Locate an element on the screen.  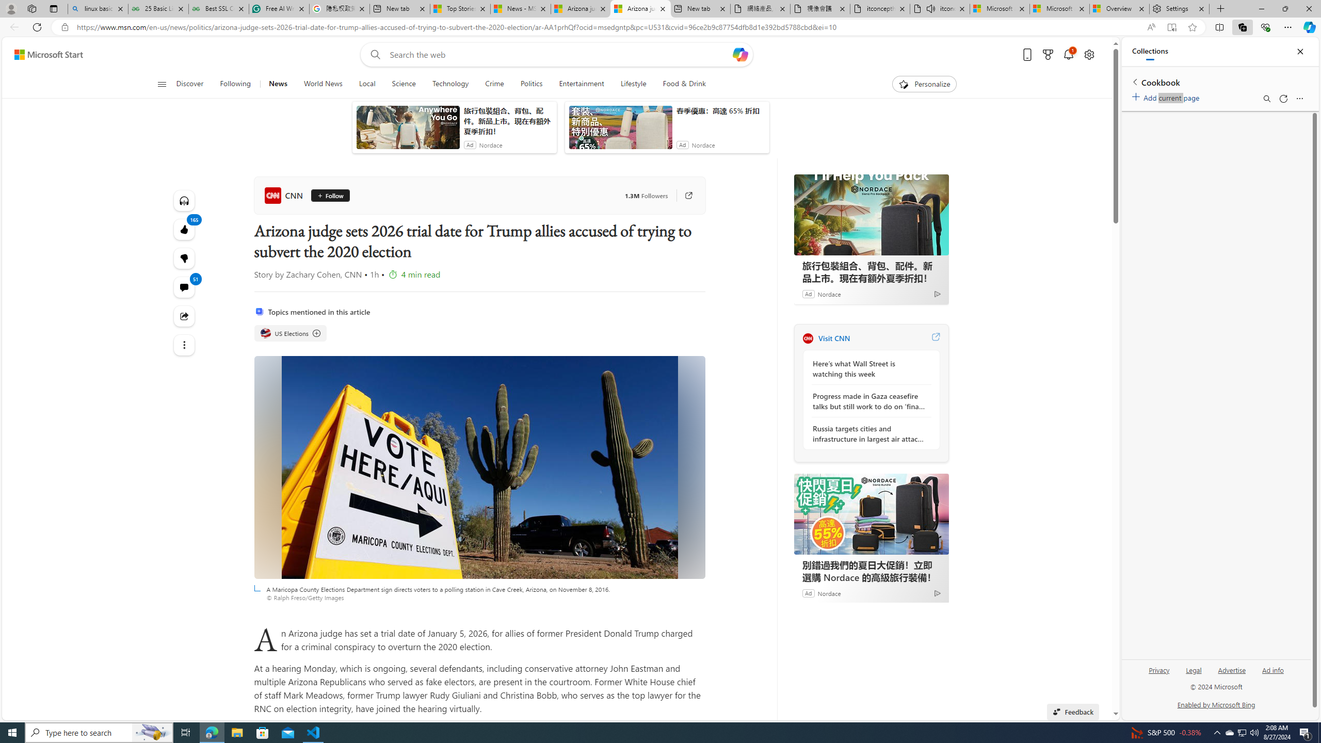
'Go to publisher' is located at coordinates (682, 196).